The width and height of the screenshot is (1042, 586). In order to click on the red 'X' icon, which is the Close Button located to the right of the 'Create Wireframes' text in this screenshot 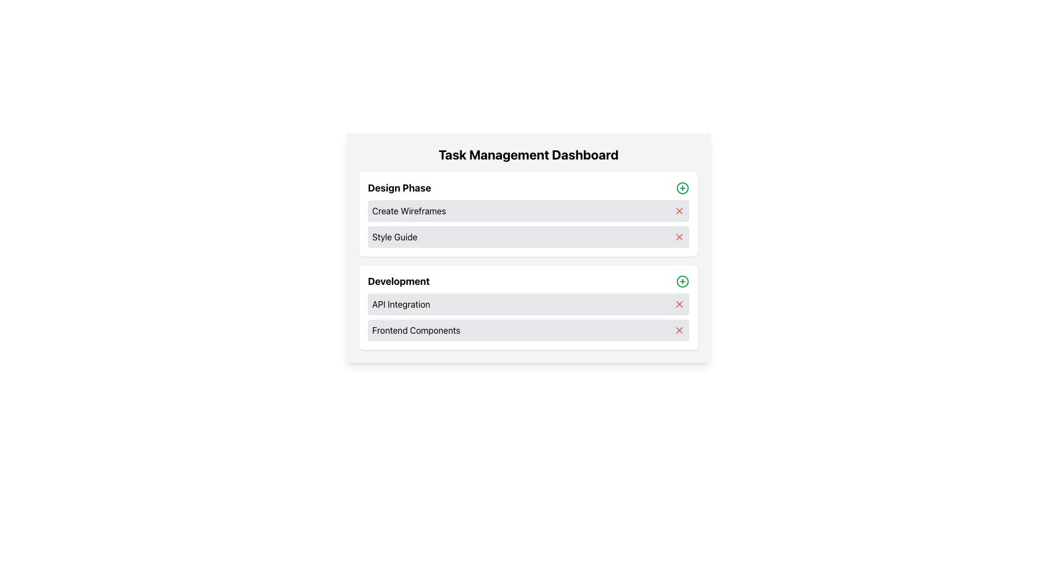, I will do `click(679, 211)`.